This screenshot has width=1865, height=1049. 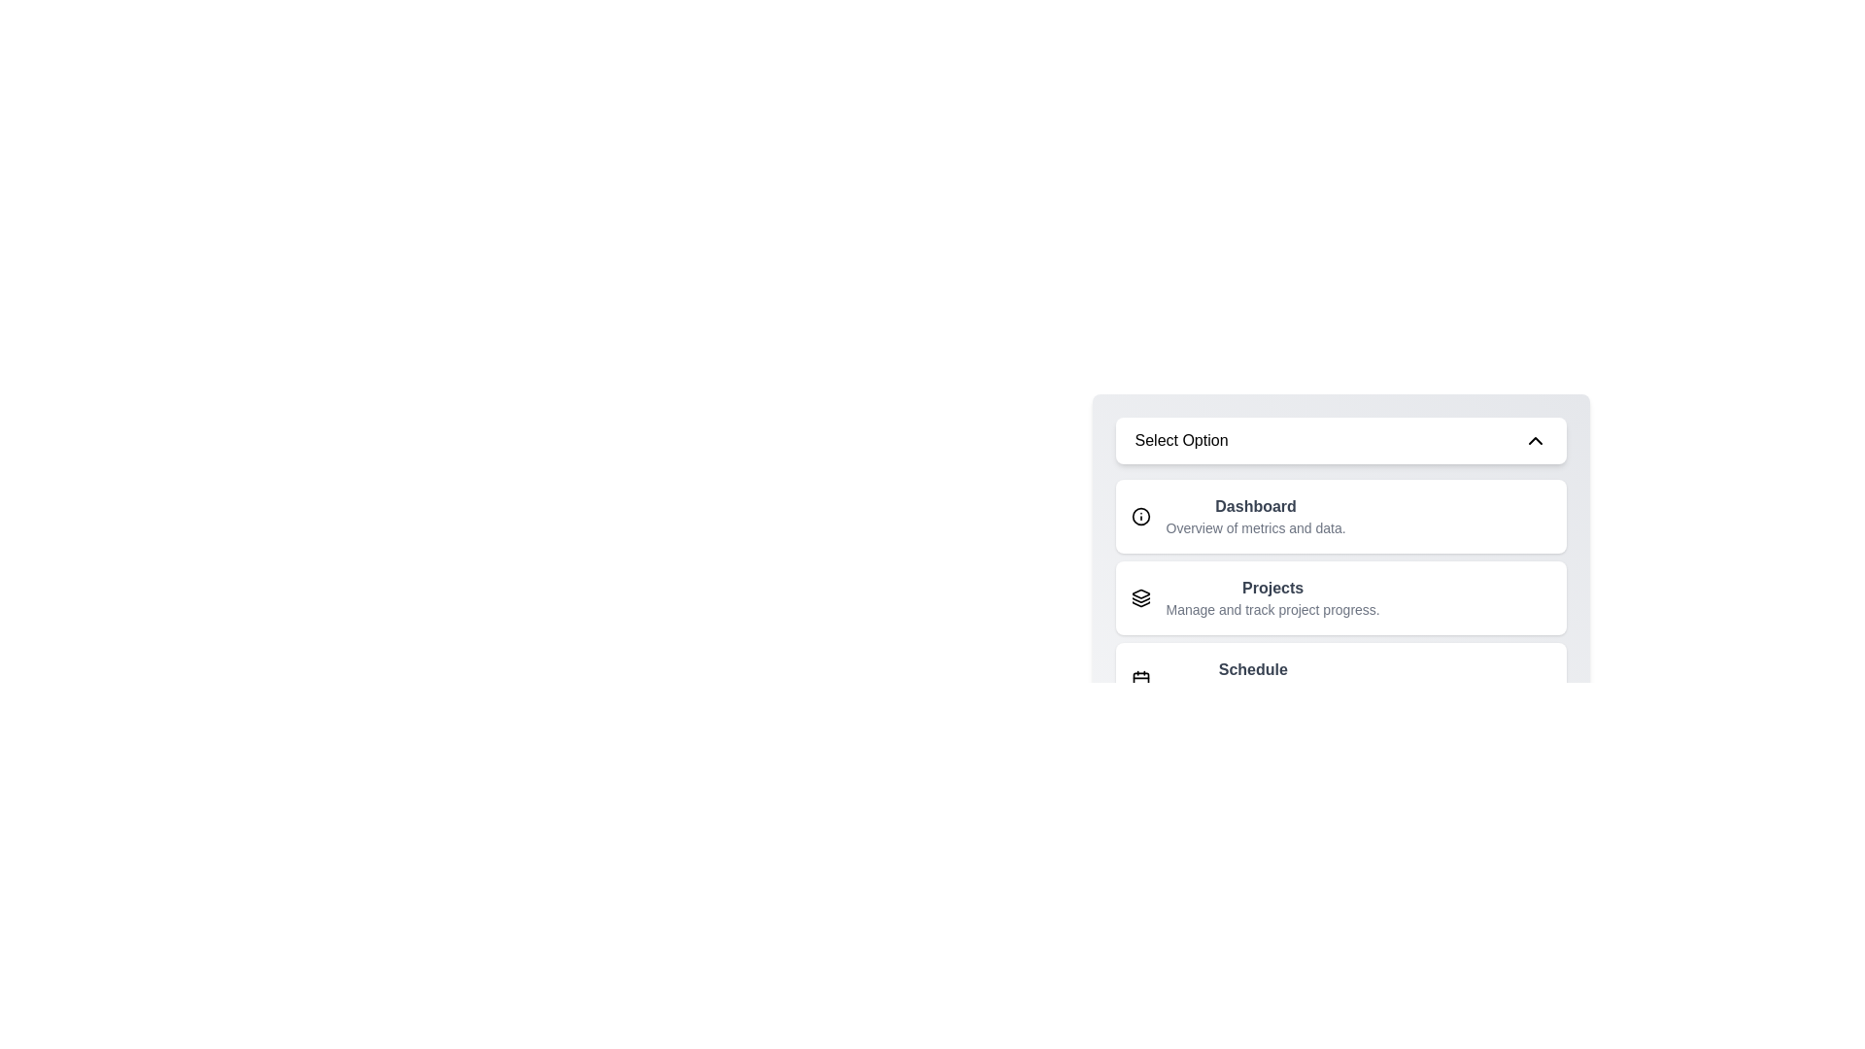 What do you see at coordinates (1140, 597) in the screenshot?
I see `the icon next to the Projects menu item` at bounding box center [1140, 597].